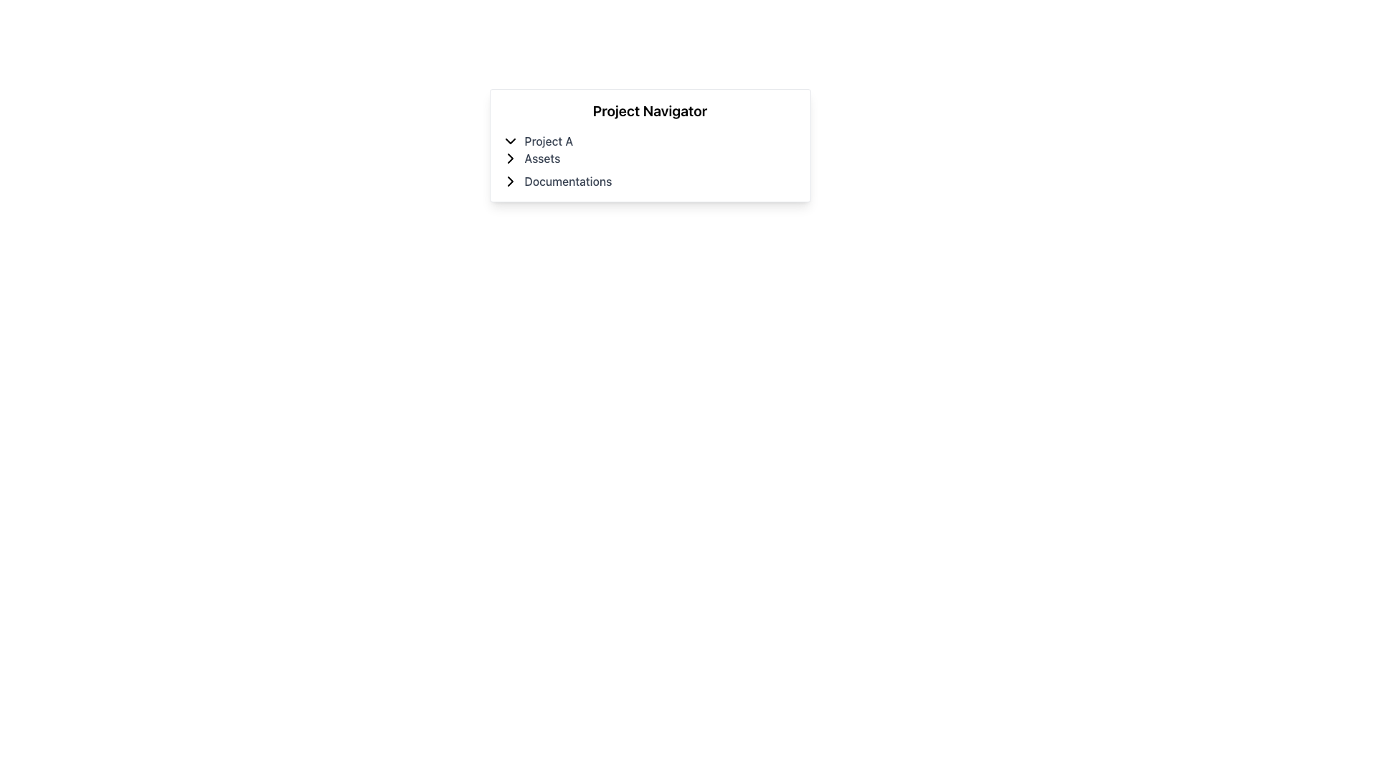 This screenshot has width=1377, height=775. I want to click on the text label displaying 'Assets' in the navigation menu that changes color on hover, so click(541, 158).